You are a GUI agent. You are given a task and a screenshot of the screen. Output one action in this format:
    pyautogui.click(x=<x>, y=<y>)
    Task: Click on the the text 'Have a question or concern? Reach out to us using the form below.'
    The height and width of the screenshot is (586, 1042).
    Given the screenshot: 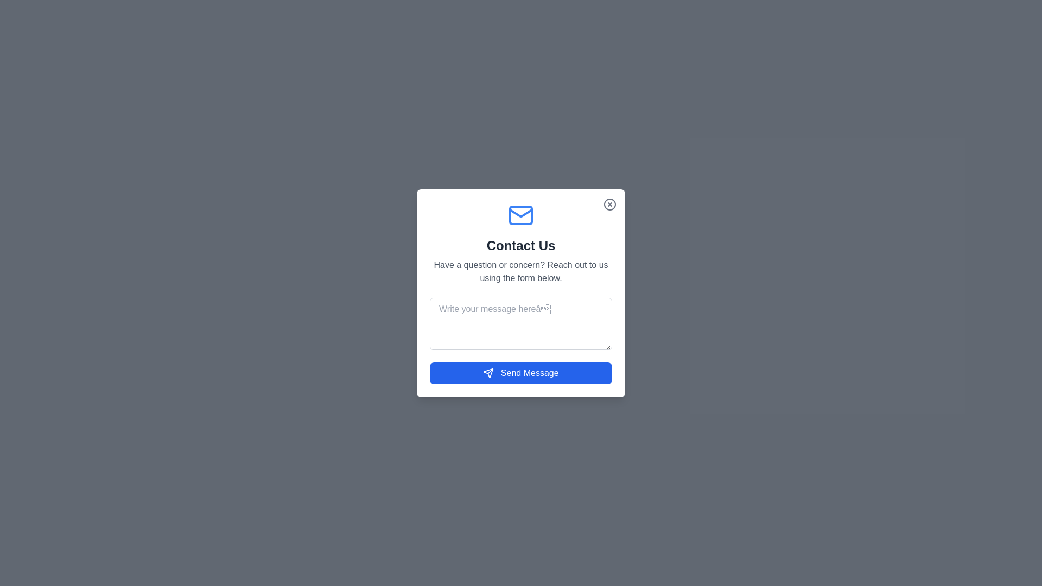 What is the action you would take?
    pyautogui.click(x=429, y=258)
    